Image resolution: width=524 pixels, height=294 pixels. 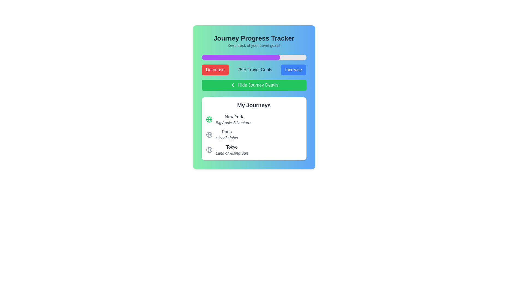 I want to click on the header text display that reads 'Journey Progress Tracker' to read it, so click(x=254, y=41).